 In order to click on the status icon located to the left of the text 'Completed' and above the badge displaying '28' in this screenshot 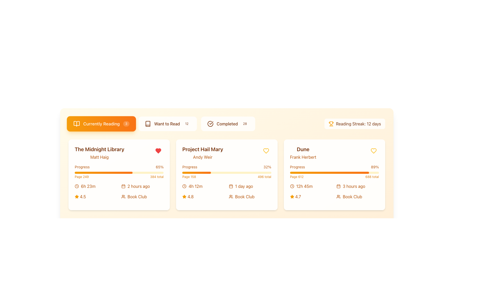, I will do `click(210, 124)`.